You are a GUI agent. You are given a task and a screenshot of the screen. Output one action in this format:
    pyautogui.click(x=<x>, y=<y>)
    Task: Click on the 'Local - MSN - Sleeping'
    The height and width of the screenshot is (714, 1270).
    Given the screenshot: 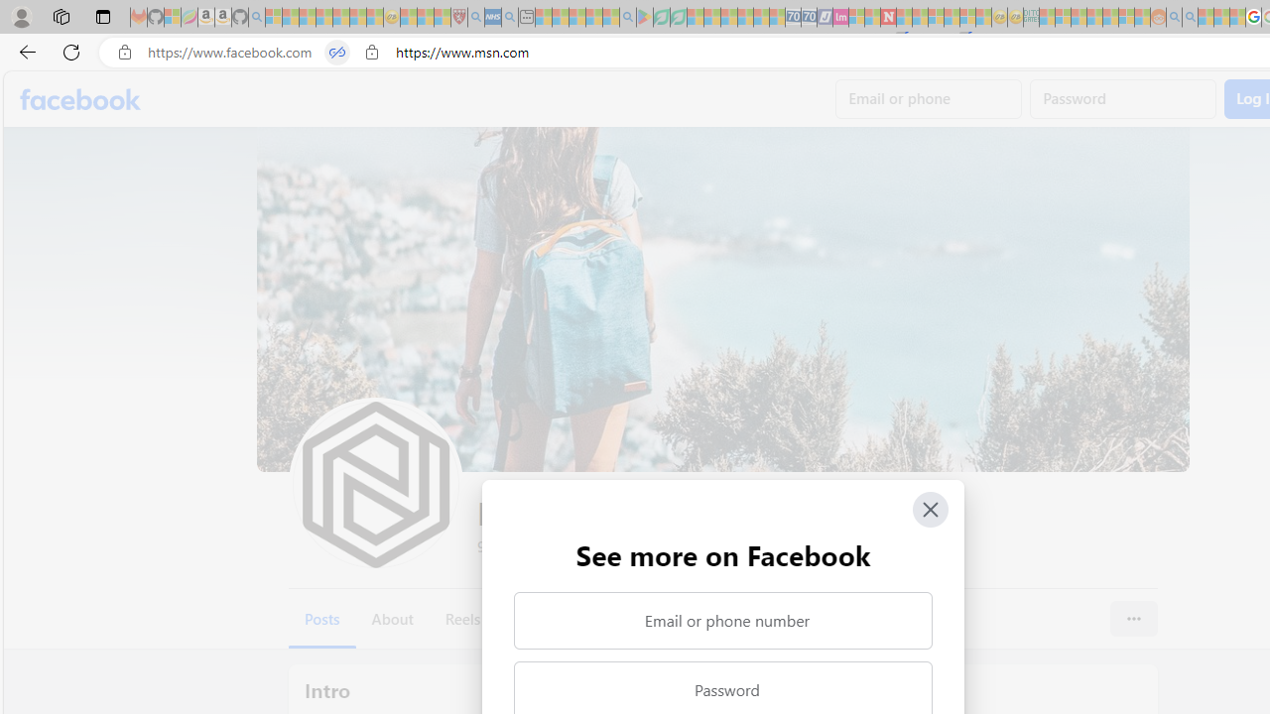 What is the action you would take?
    pyautogui.click(x=442, y=17)
    